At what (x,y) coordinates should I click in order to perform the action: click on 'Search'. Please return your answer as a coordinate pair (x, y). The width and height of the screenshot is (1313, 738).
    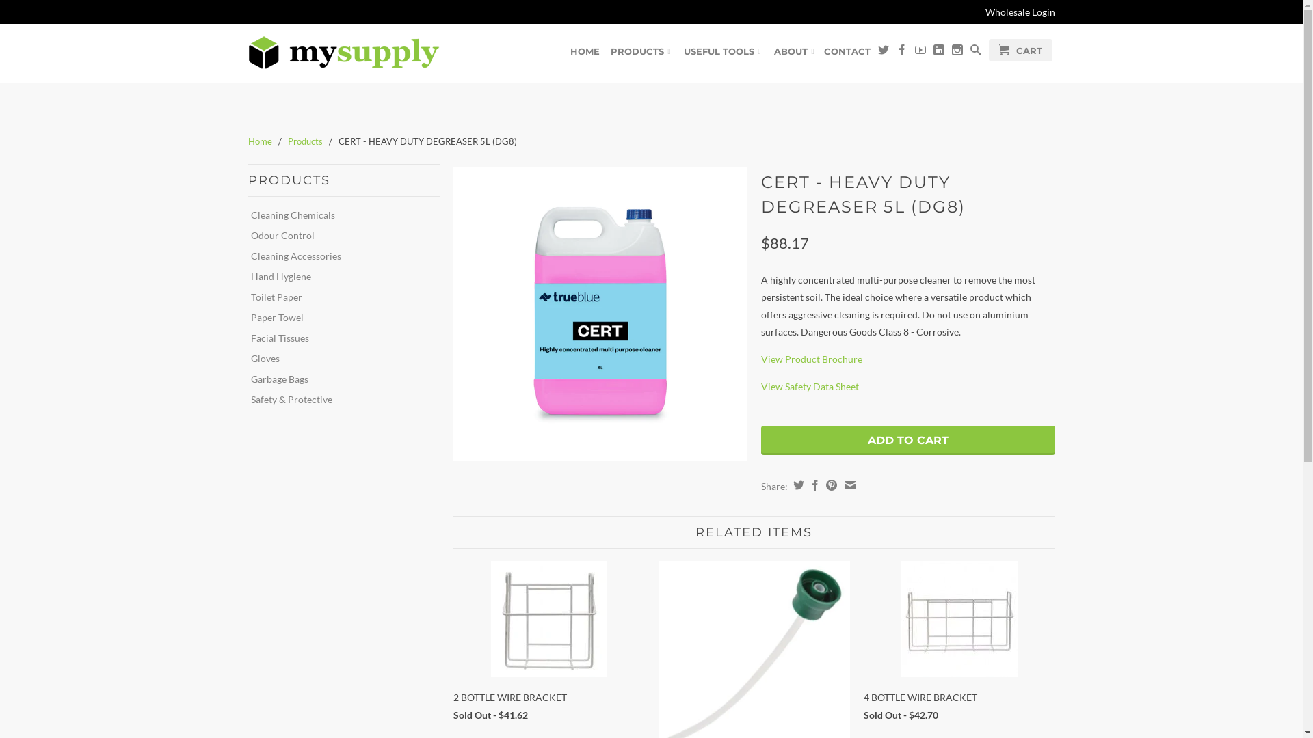
    Looking at the image, I should click on (974, 52).